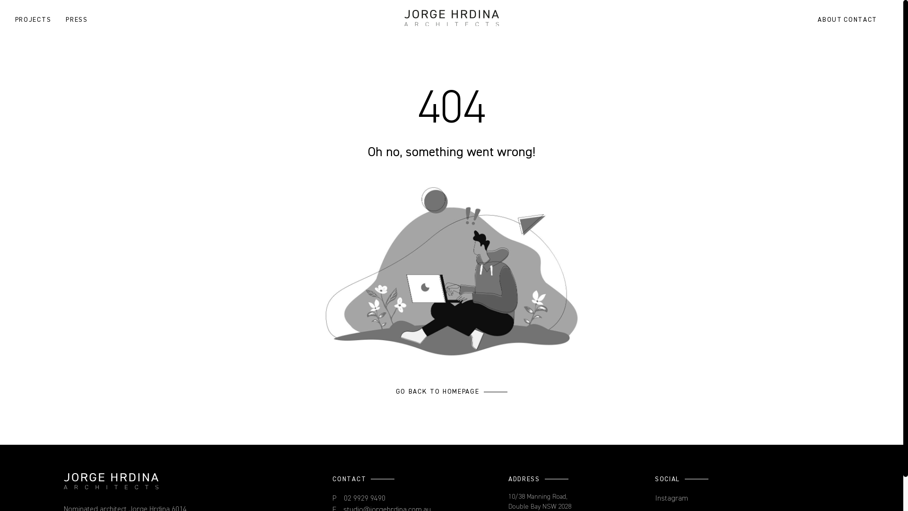  Describe the element at coordinates (33, 20) in the screenshot. I see `'PROJECTS'` at that location.